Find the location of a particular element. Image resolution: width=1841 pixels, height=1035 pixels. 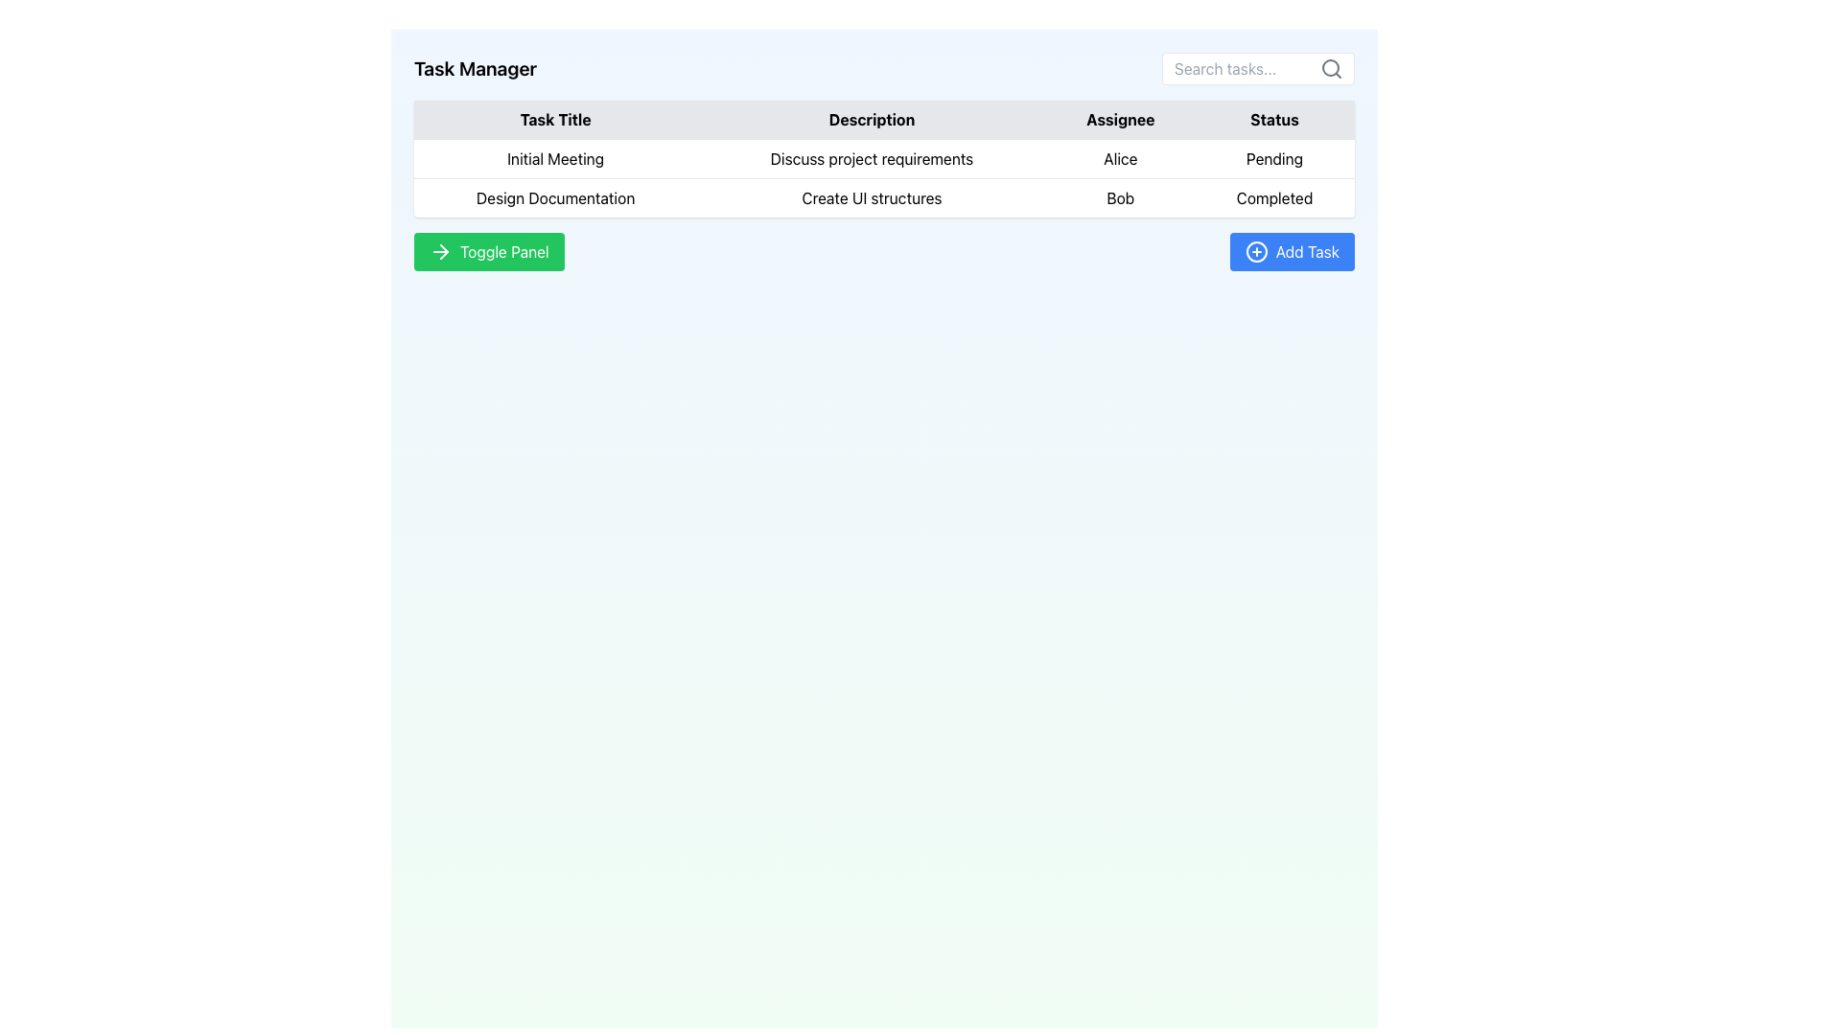

the 'Add Task' button which contains the decorative SVG Circle Element located in the bottom-right part of the interface is located at coordinates (1256, 250).